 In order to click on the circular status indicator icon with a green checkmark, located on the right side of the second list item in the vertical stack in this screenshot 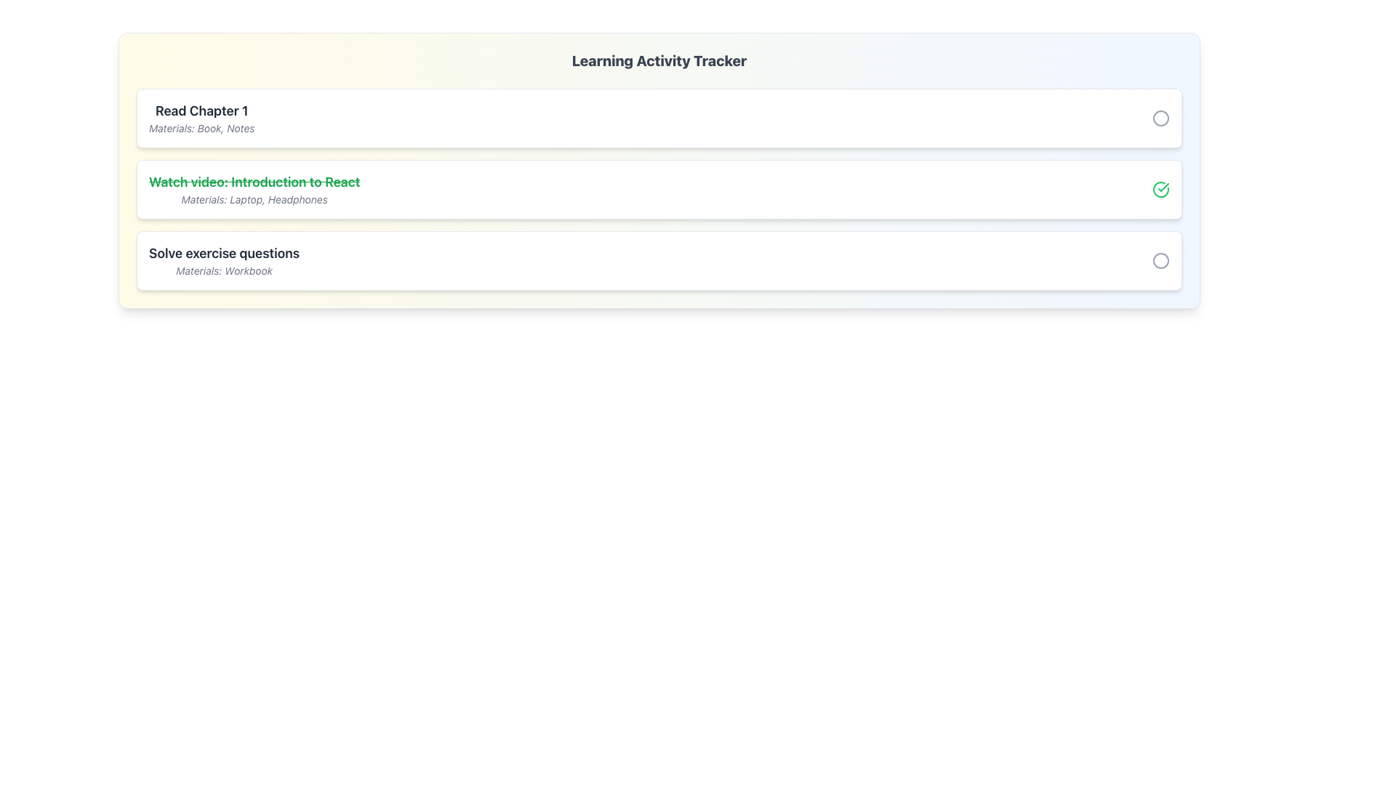, I will do `click(1160, 189)`.